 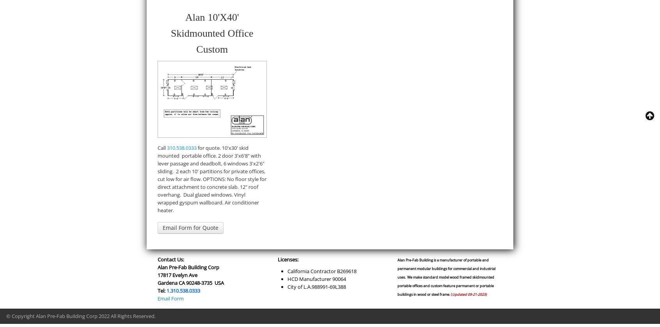 What do you see at coordinates (190, 282) in the screenshot?
I see `'Gardena CA 90248-3735  USA'` at bounding box center [190, 282].